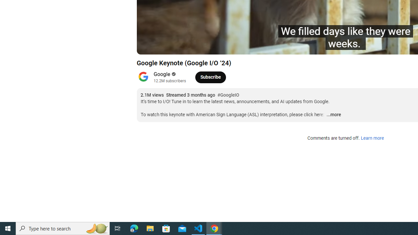 The width and height of the screenshot is (418, 235). What do you see at coordinates (228, 95) in the screenshot?
I see `'#GoogleIO'` at bounding box center [228, 95].